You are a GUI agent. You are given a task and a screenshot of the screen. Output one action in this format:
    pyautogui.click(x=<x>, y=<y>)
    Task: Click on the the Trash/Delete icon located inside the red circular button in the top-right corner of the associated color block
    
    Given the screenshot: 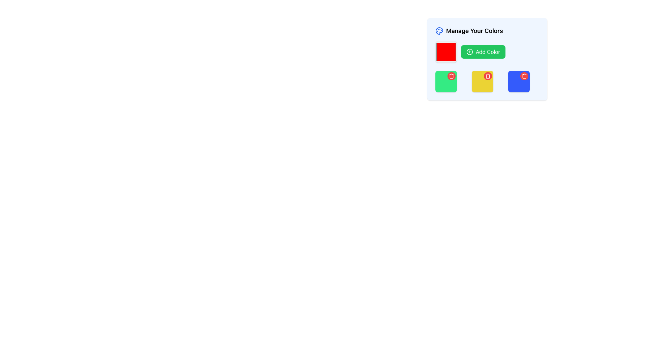 What is the action you would take?
    pyautogui.click(x=488, y=76)
    